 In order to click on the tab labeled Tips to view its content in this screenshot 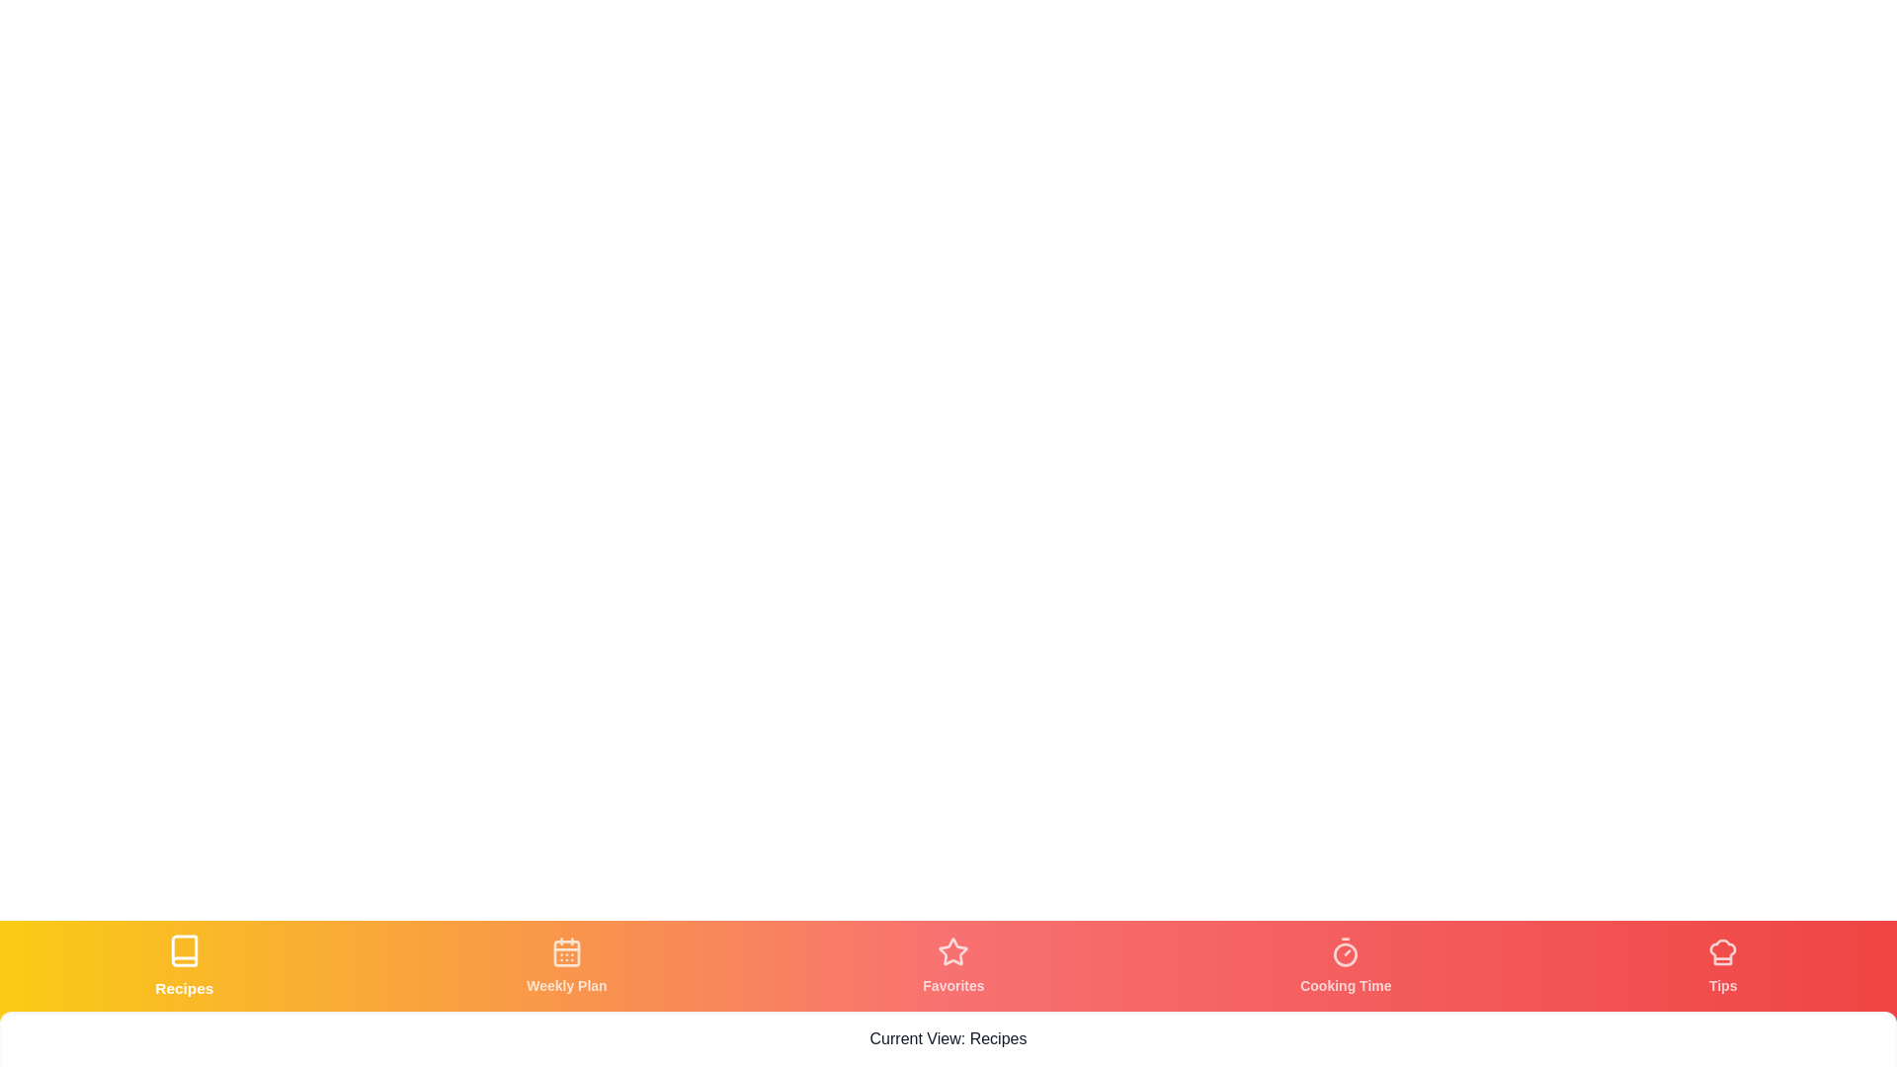, I will do `click(1721, 965)`.